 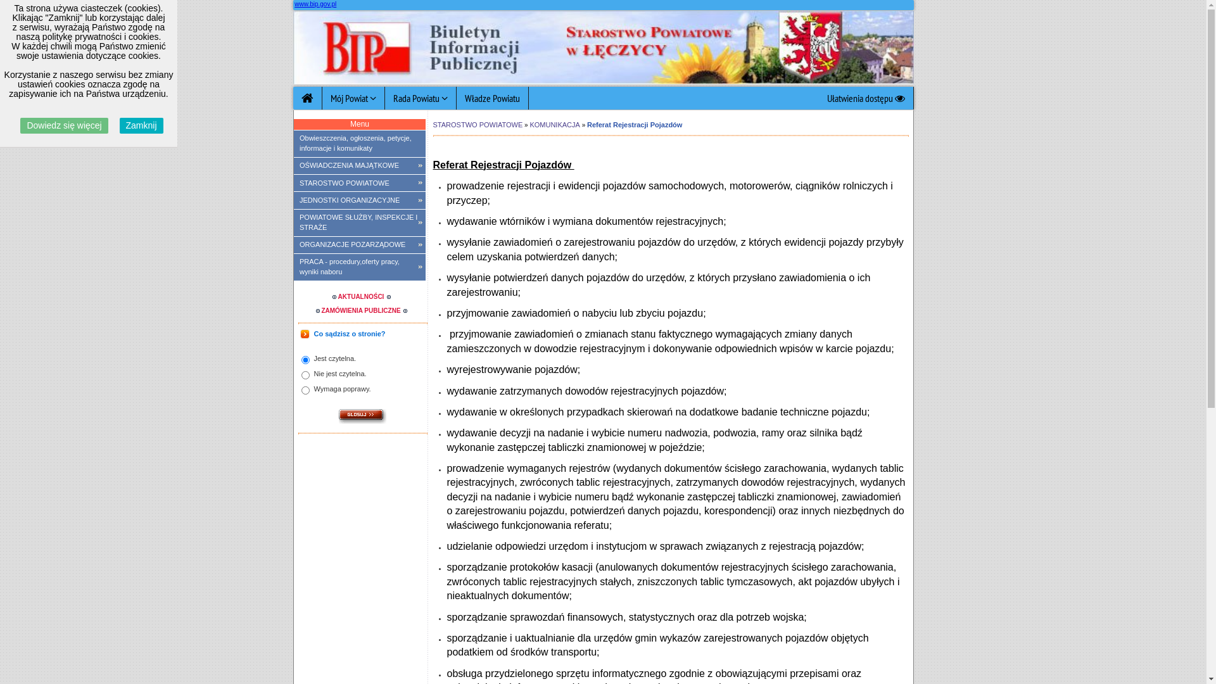 I want to click on 'KOMUNIKACJA', so click(x=554, y=124).